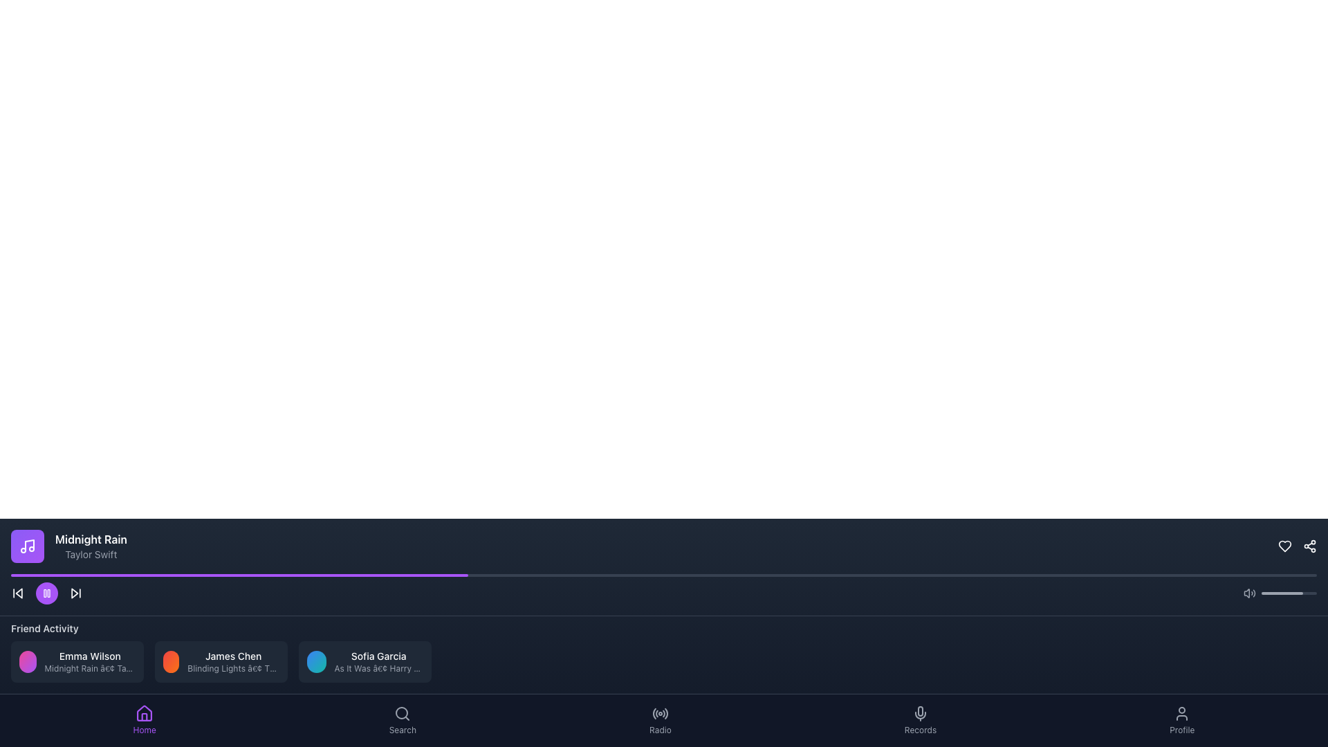 Image resolution: width=1328 pixels, height=747 pixels. Describe the element at coordinates (415, 575) in the screenshot. I see `the progress bar` at that location.